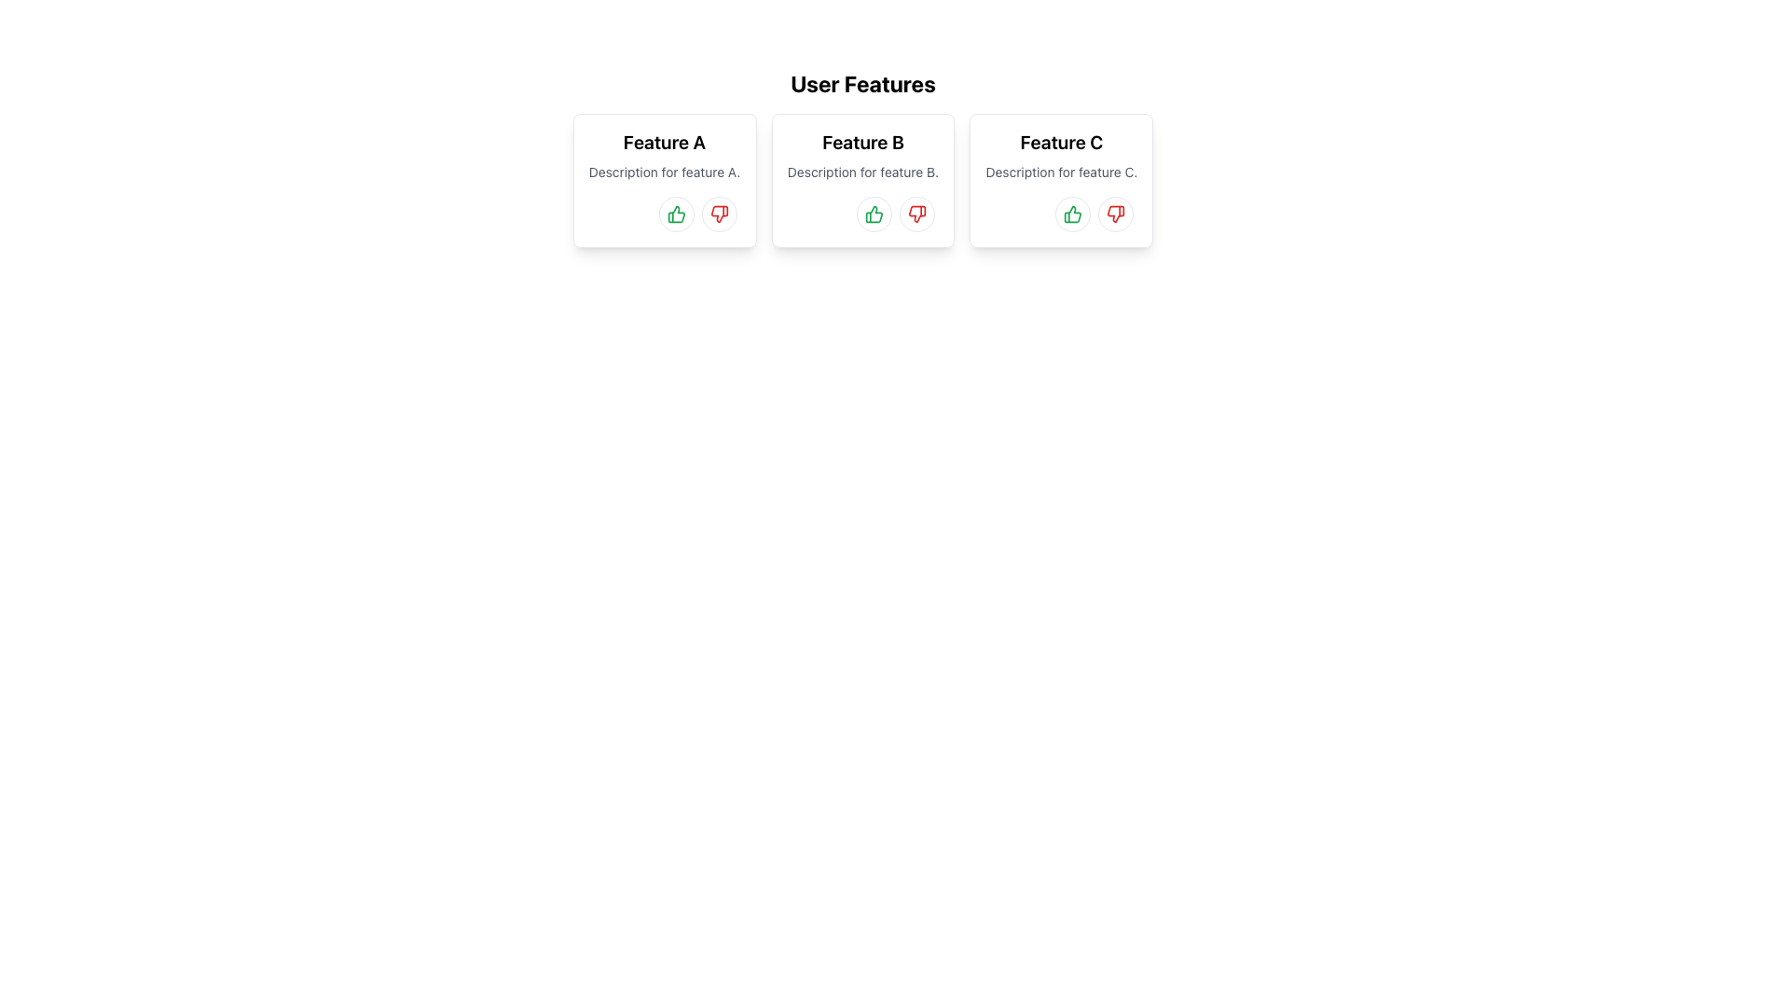  I want to click on the positive feedback button with icon for 'Feature B', so click(862, 214).